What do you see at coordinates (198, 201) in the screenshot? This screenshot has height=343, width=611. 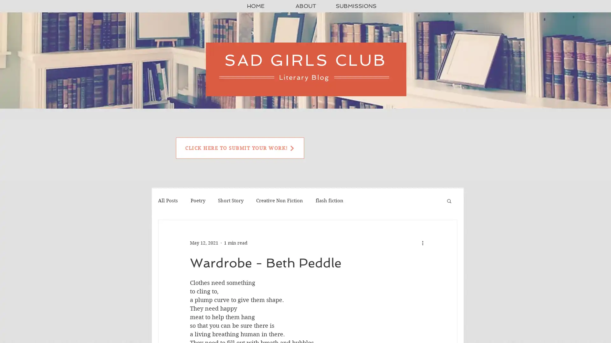 I see `Poetry` at bounding box center [198, 201].